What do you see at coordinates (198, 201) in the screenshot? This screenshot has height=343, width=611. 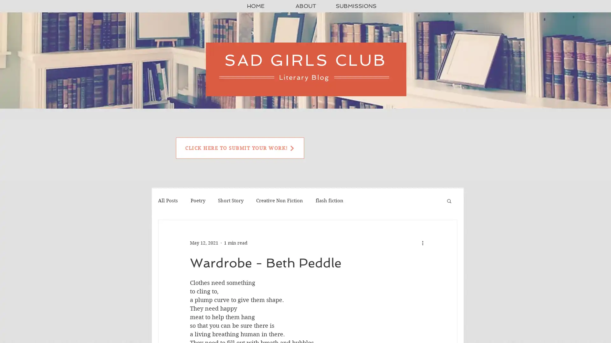 I see `Poetry` at bounding box center [198, 201].